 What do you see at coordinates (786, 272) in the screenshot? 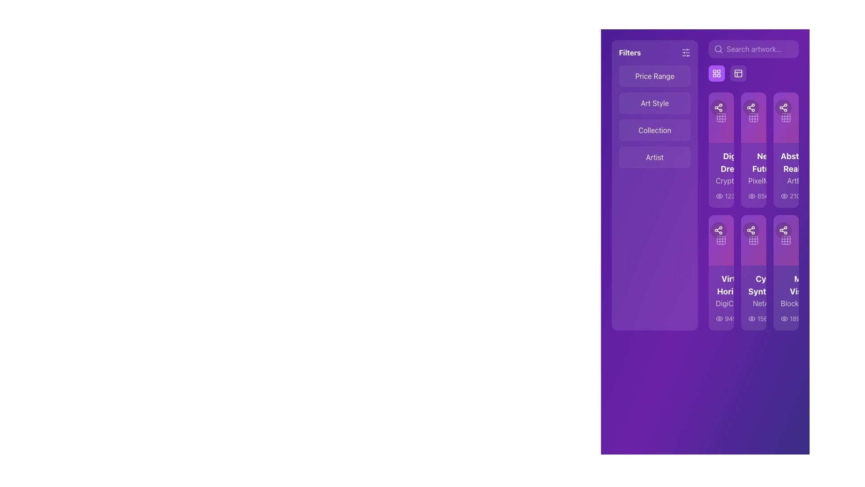
I see `the bottom-right card in a grid layout, located in the rightmost column and the third row` at bounding box center [786, 272].